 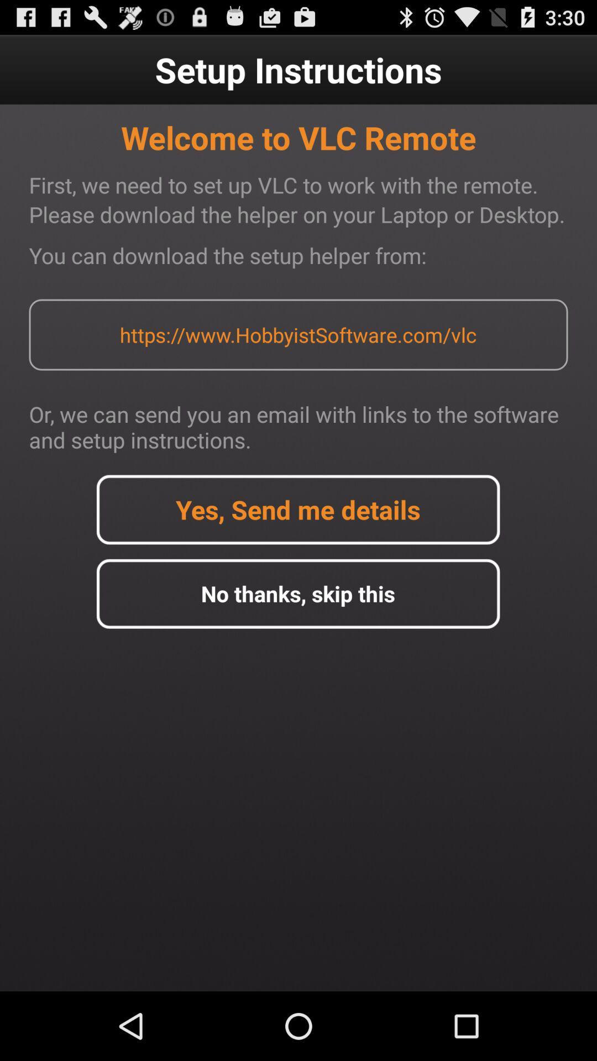 What do you see at coordinates (297, 509) in the screenshot?
I see `yes` at bounding box center [297, 509].